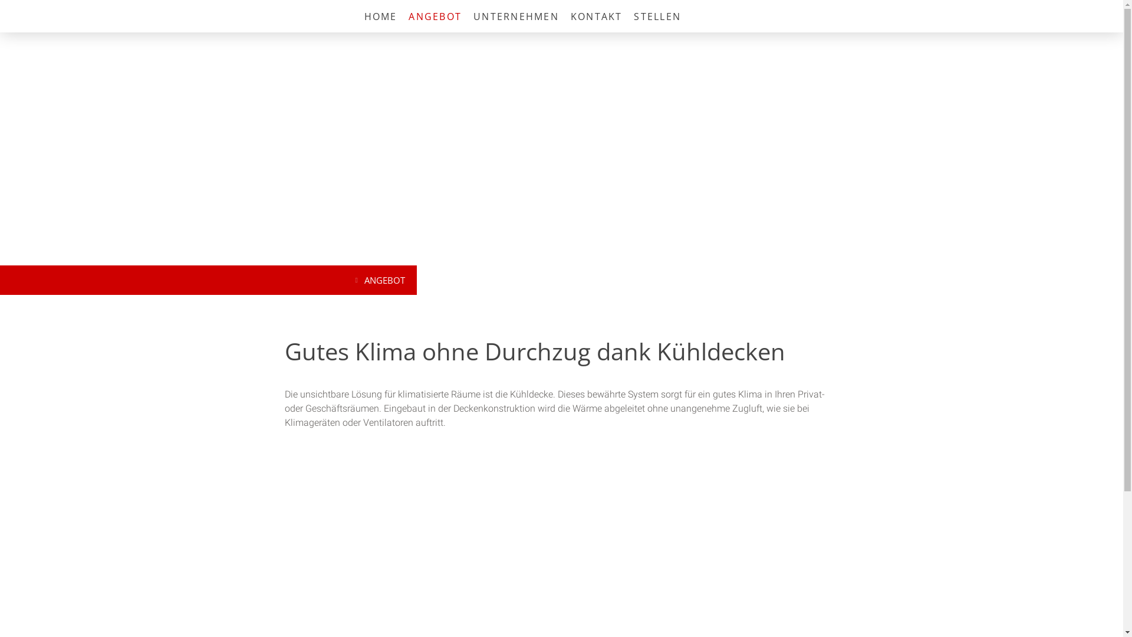 The width and height of the screenshot is (1132, 637). Describe the element at coordinates (656, 16) in the screenshot. I see `'STELLEN'` at that location.